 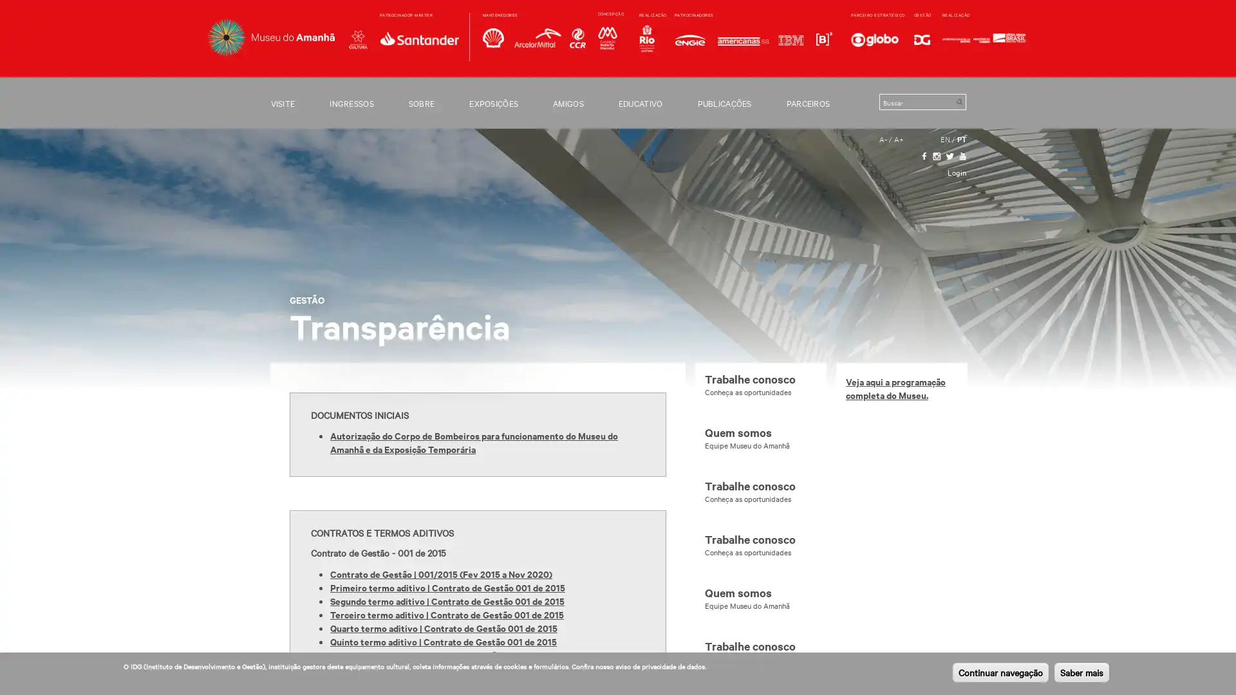 What do you see at coordinates (1081, 672) in the screenshot?
I see `Saber mais` at bounding box center [1081, 672].